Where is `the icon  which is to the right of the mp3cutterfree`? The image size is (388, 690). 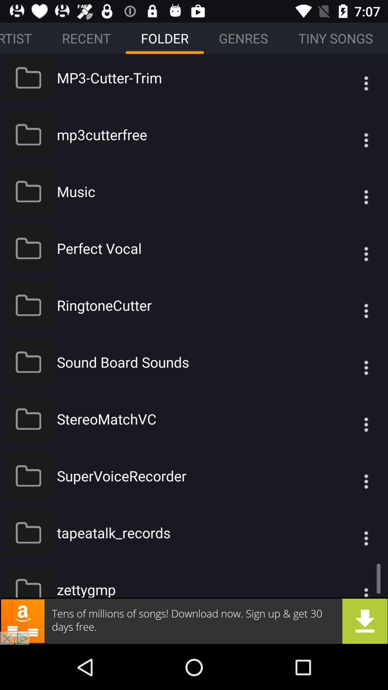
the icon  which is to the right of the mp3cutterfree is located at coordinates (351, 134).